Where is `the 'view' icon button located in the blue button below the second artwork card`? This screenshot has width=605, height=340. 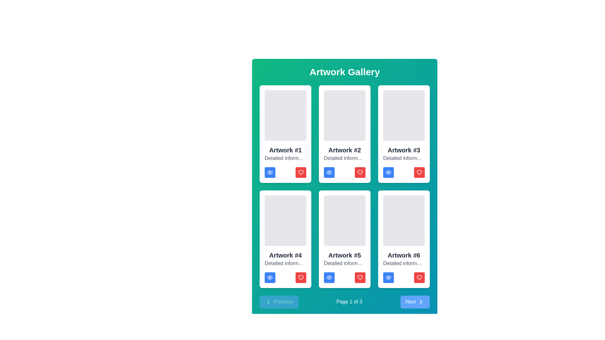 the 'view' icon button located in the blue button below the second artwork card is located at coordinates (329, 172).